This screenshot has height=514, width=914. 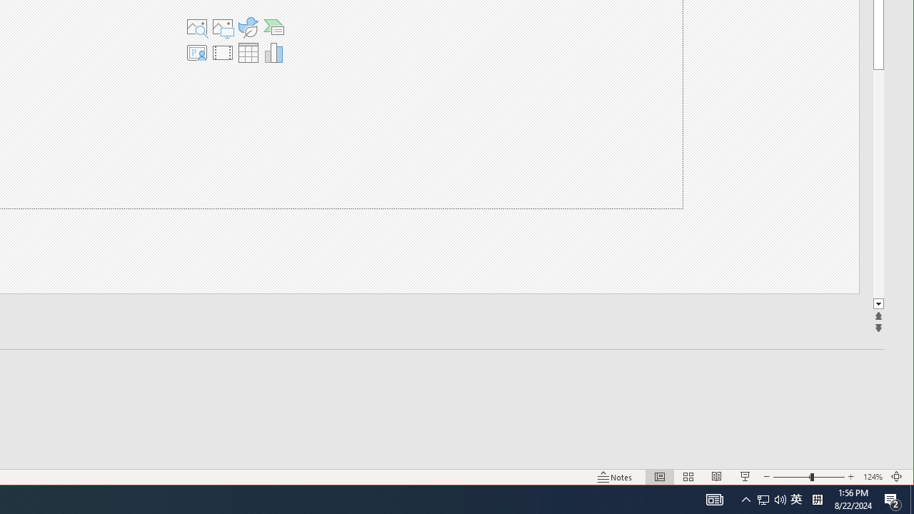 I want to click on 'Insert Video', so click(x=221, y=52).